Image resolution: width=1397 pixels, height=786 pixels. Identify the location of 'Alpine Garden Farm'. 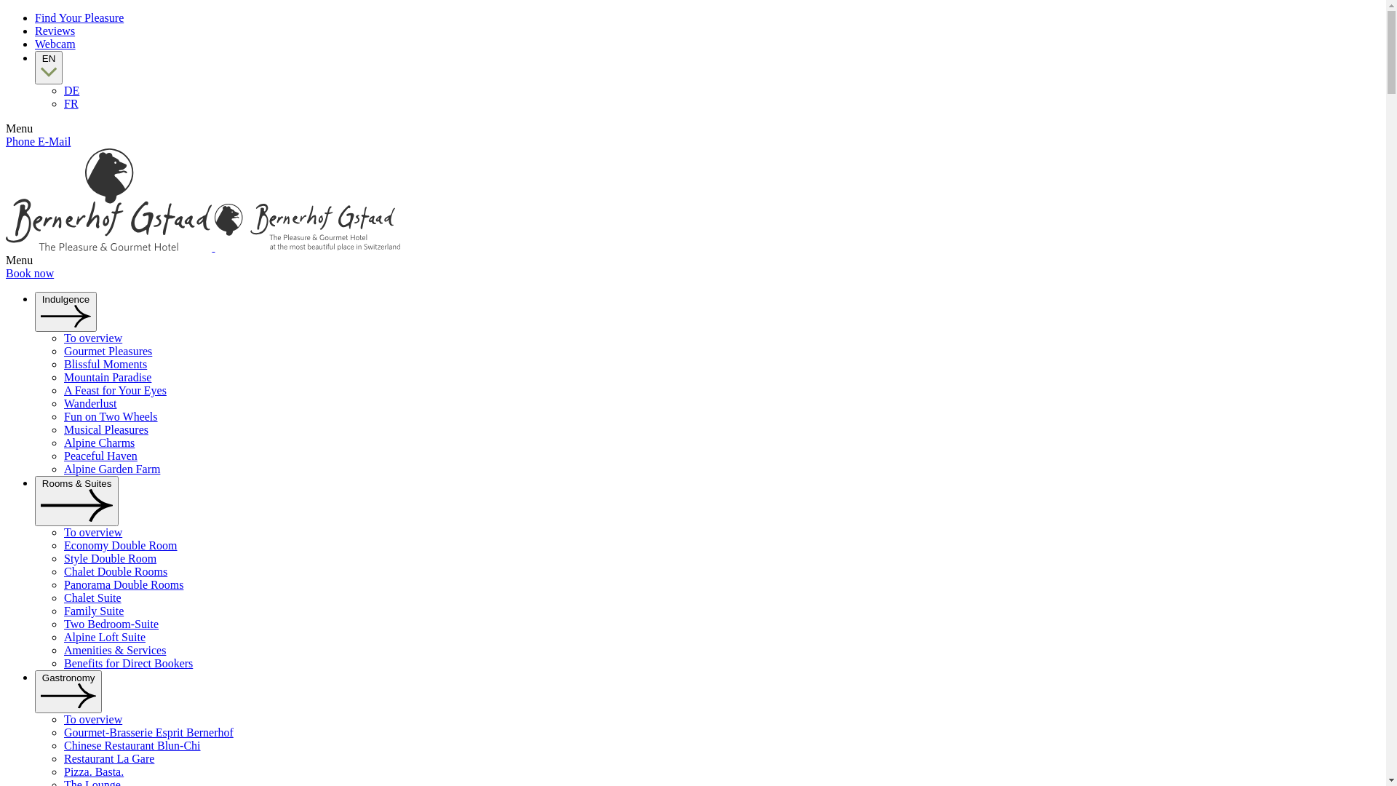
(111, 469).